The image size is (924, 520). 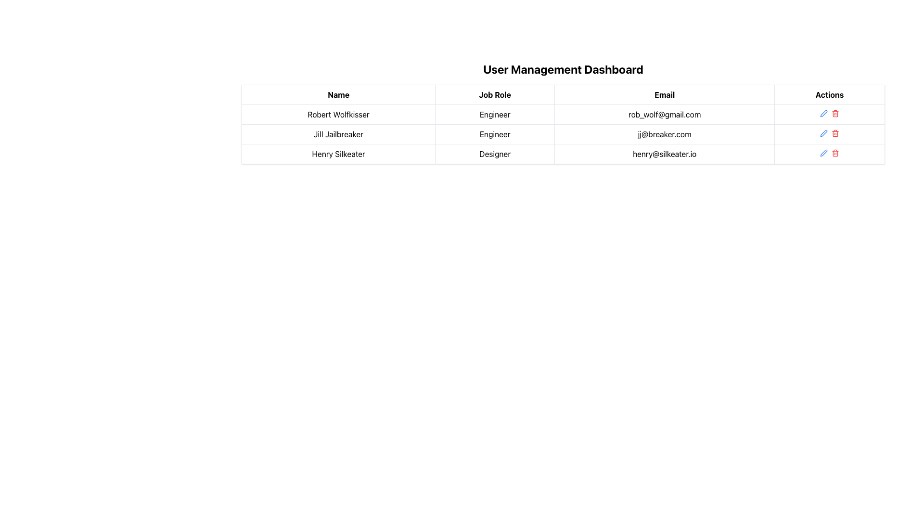 I want to click on the text field displaying the email address 'jj@breaker.com', so click(x=664, y=134).